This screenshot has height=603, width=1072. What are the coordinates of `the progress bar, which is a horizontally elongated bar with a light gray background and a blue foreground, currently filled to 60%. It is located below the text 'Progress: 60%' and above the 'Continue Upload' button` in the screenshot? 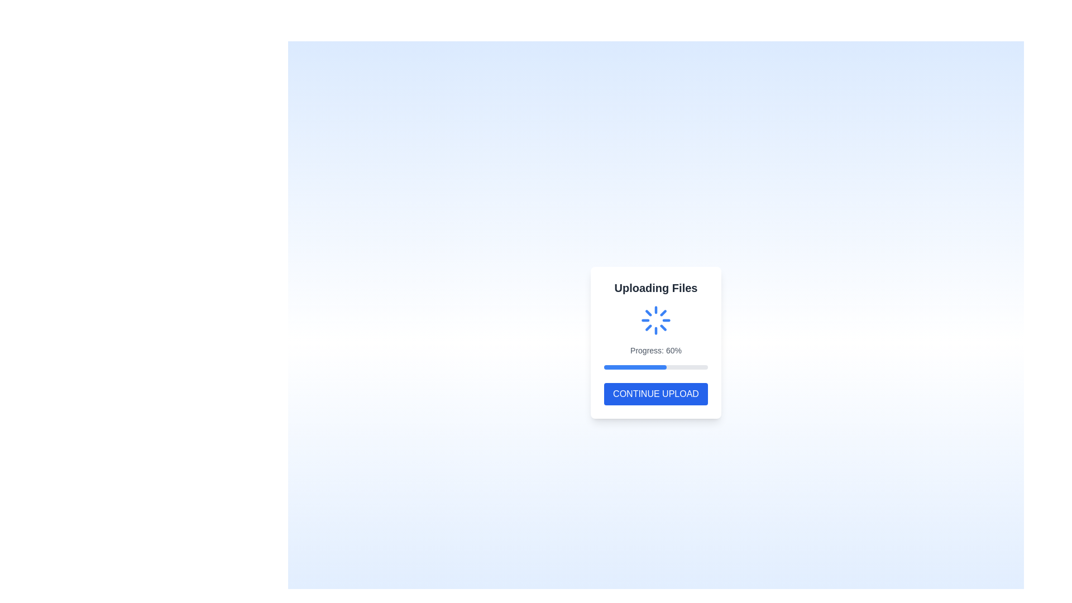 It's located at (656, 367).